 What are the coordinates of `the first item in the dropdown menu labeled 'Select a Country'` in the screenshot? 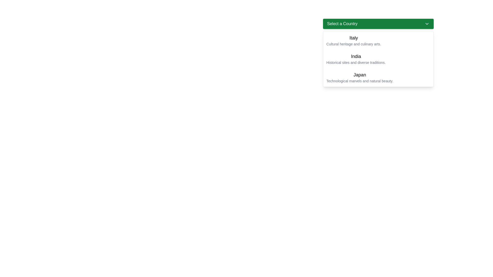 It's located at (378, 40).